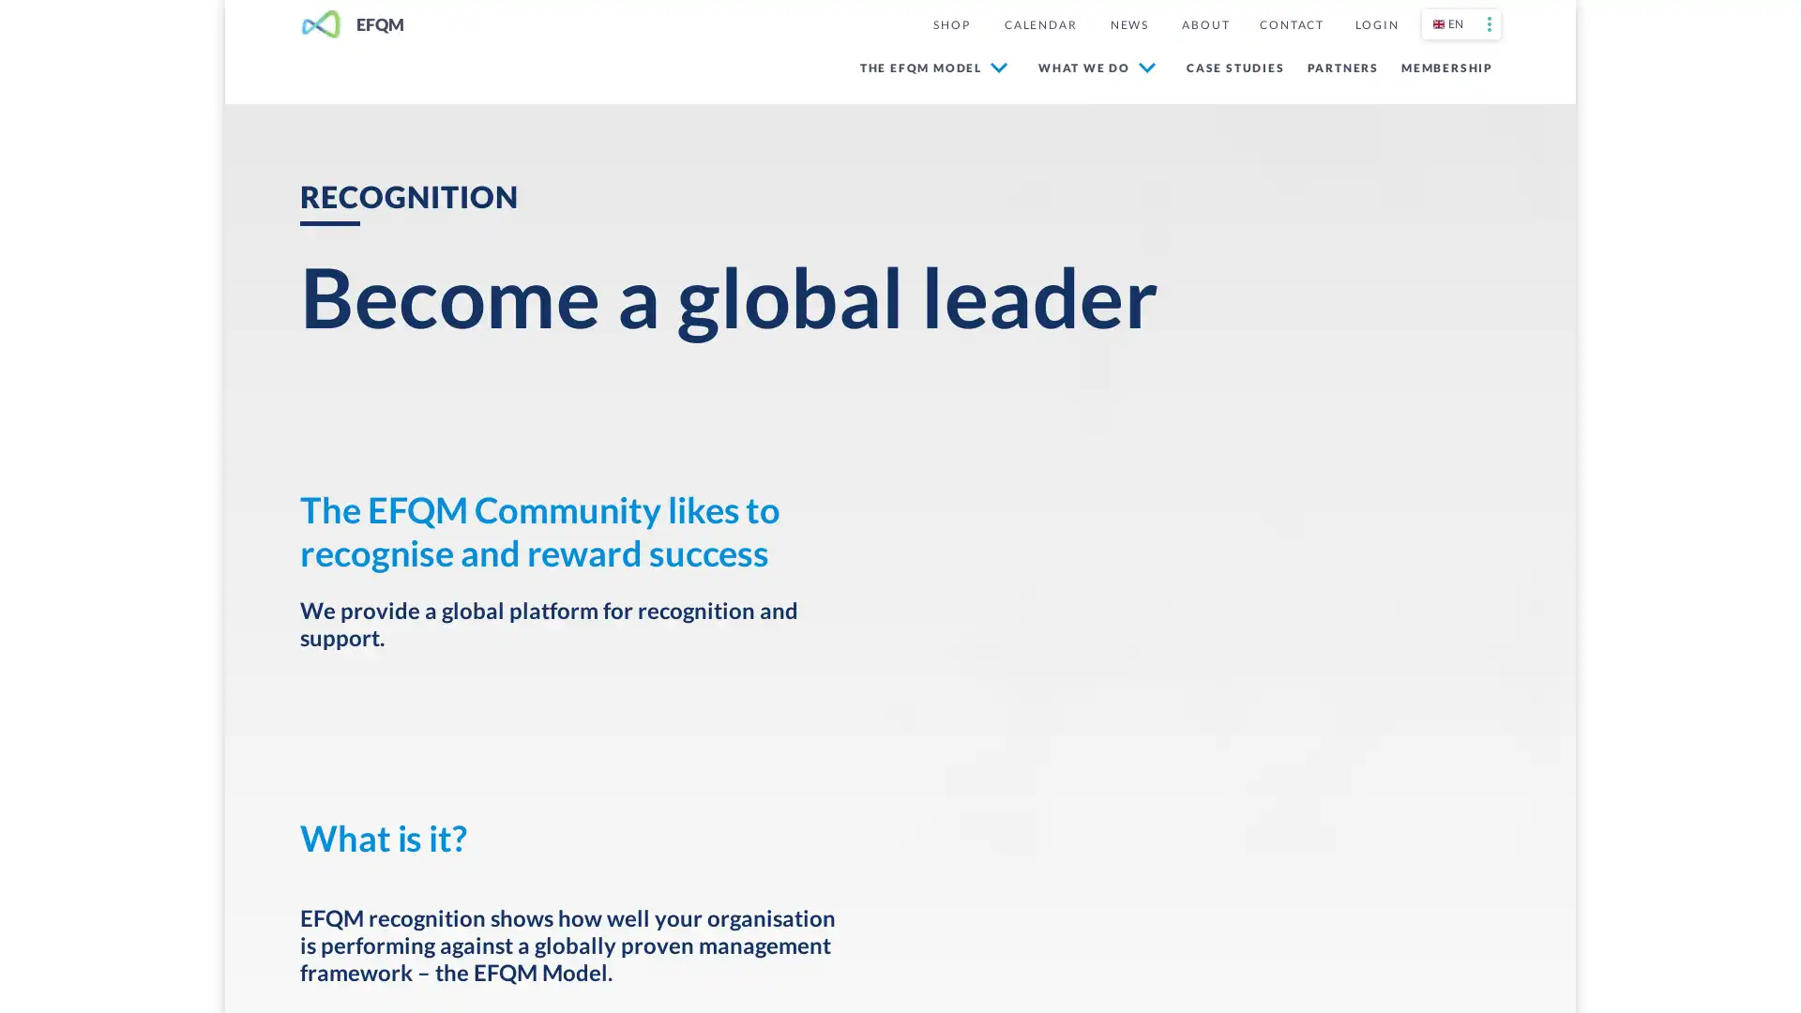  I want to click on CASE STUDIES, so click(1231, 66).